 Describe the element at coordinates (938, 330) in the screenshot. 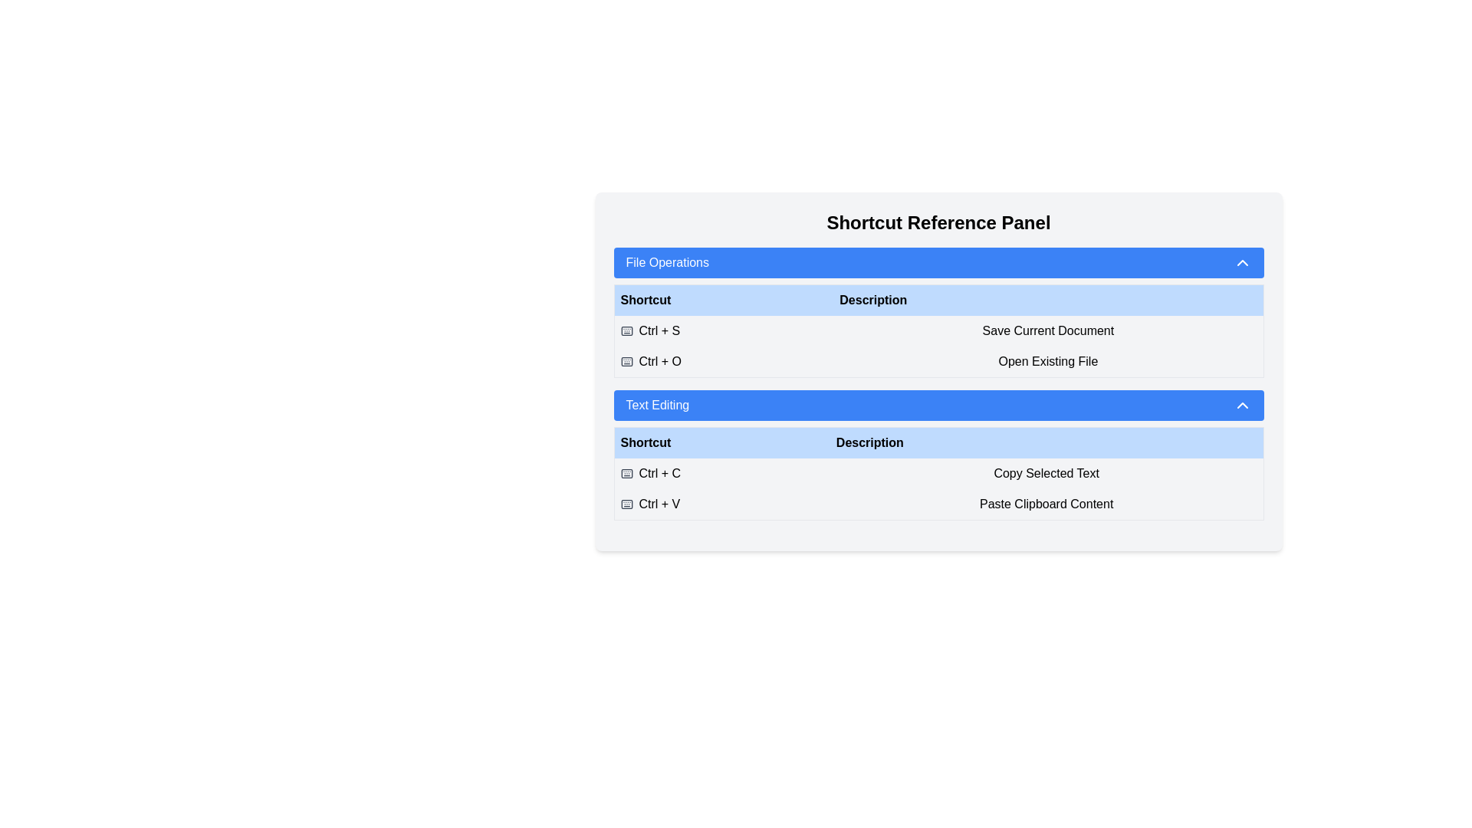

I see `the table row containing keyboard shortcut descriptions and key combinations in the 'File Operations' section, situated directly below the headers 'Shortcut' and 'Description'` at that location.